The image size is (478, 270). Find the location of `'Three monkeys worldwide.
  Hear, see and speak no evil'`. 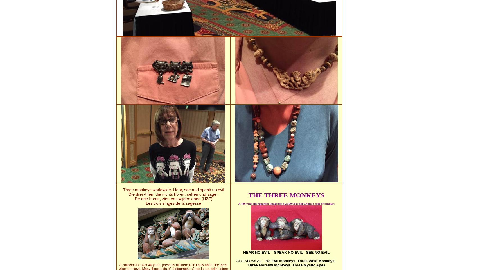

'Three monkeys worldwide.
  Hear, see and speak no evil' is located at coordinates (173, 190).